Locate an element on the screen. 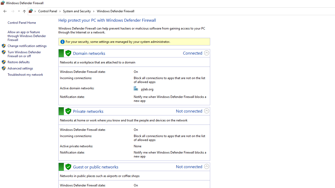 The height and width of the screenshot is (188, 335). 'Back to Allowed apps (Alt + Left Arrow)' is located at coordinates (5, 11).